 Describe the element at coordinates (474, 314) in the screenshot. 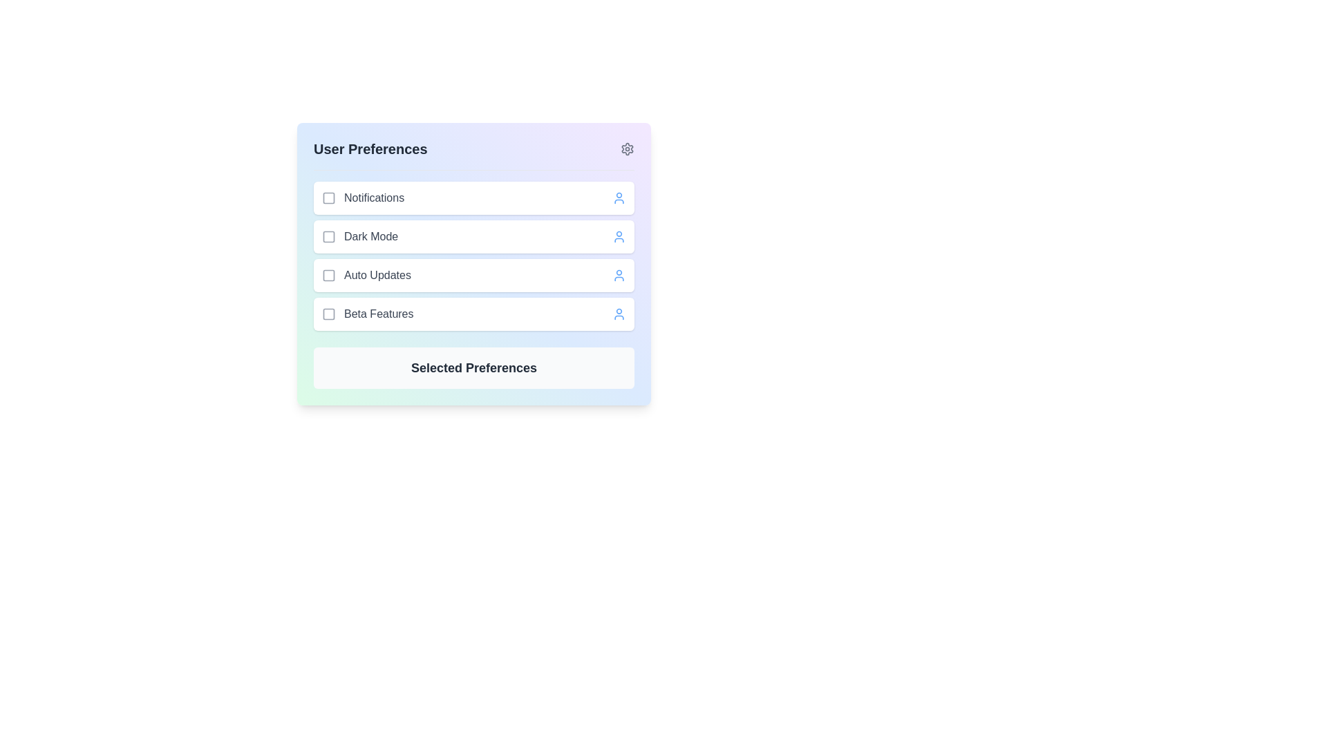

I see `the 'Beta Features' button-like list item` at that location.